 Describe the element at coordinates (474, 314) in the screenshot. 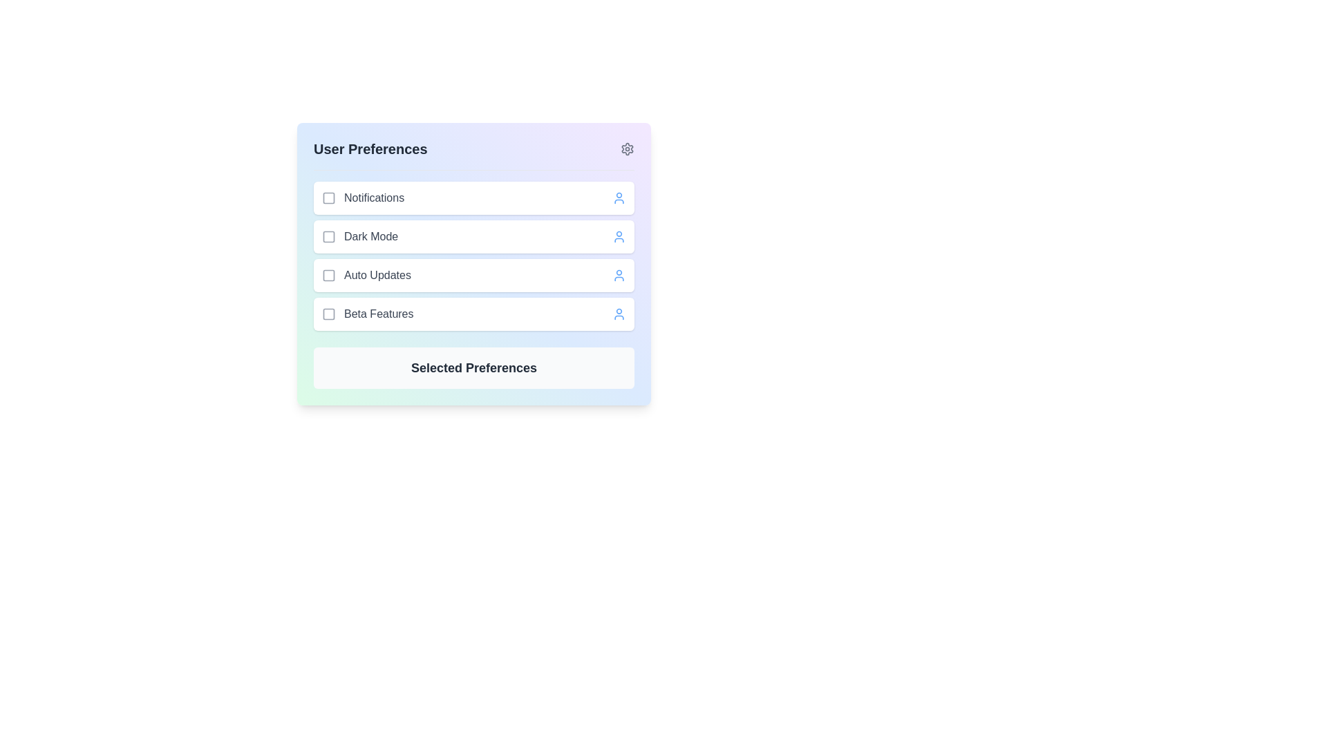

I see `the 'Beta Features' button-like list item` at that location.